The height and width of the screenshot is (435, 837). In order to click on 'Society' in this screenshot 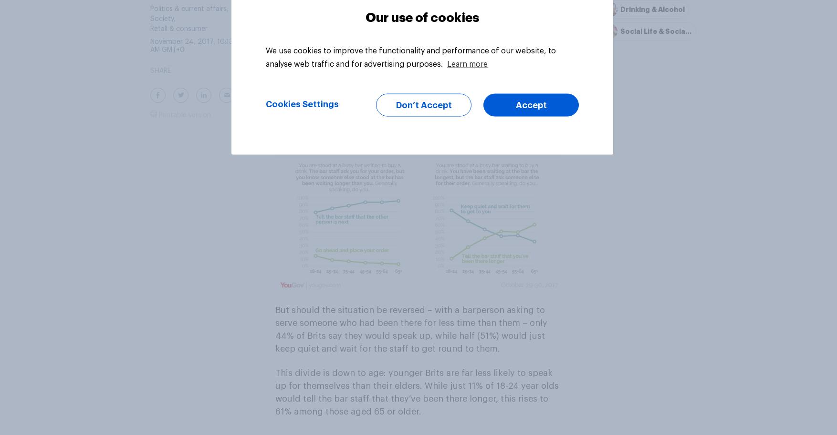, I will do `click(161, 18)`.